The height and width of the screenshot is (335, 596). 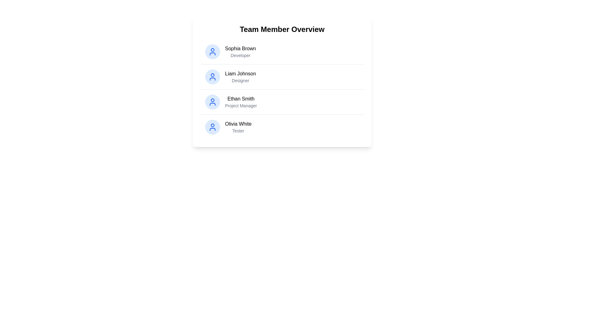 I want to click on the Text label indicating the job title of 'Sophia Brown', which is positioned directly below her name in the team member list interface, so click(x=240, y=55).